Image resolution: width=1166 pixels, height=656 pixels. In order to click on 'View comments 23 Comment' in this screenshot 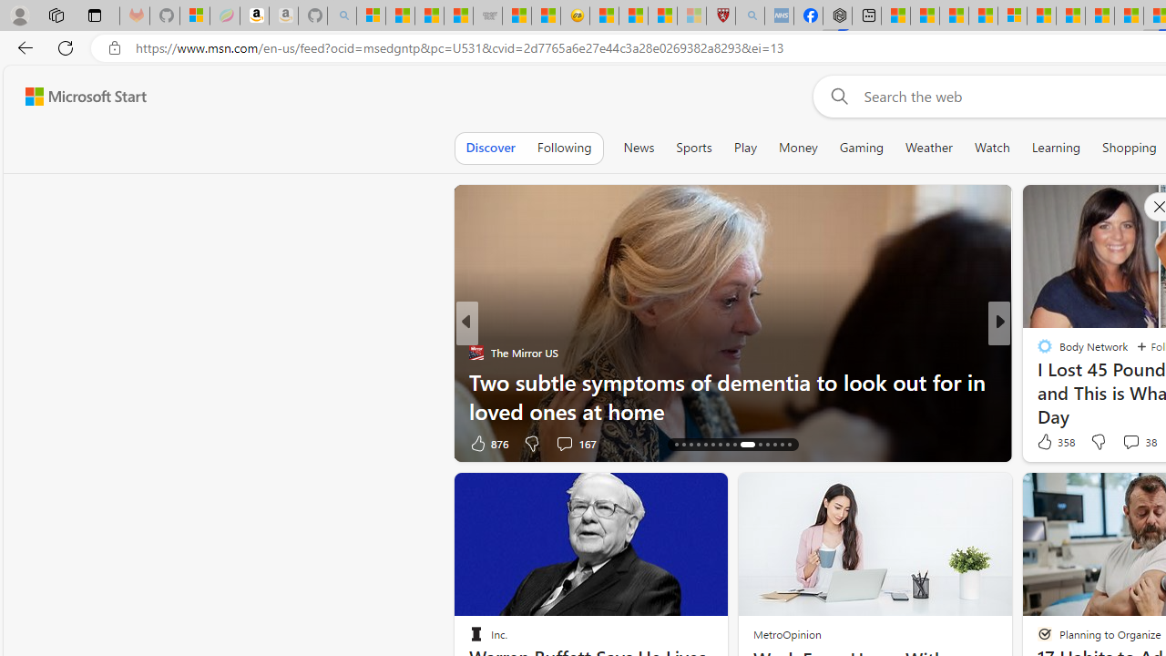, I will do `click(1124, 443)`.